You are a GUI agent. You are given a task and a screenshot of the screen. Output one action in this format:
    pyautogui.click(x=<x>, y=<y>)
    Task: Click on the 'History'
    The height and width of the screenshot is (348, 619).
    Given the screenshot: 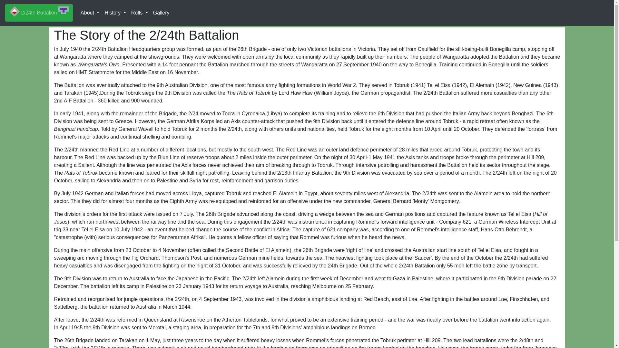 What is the action you would take?
    pyautogui.click(x=115, y=13)
    